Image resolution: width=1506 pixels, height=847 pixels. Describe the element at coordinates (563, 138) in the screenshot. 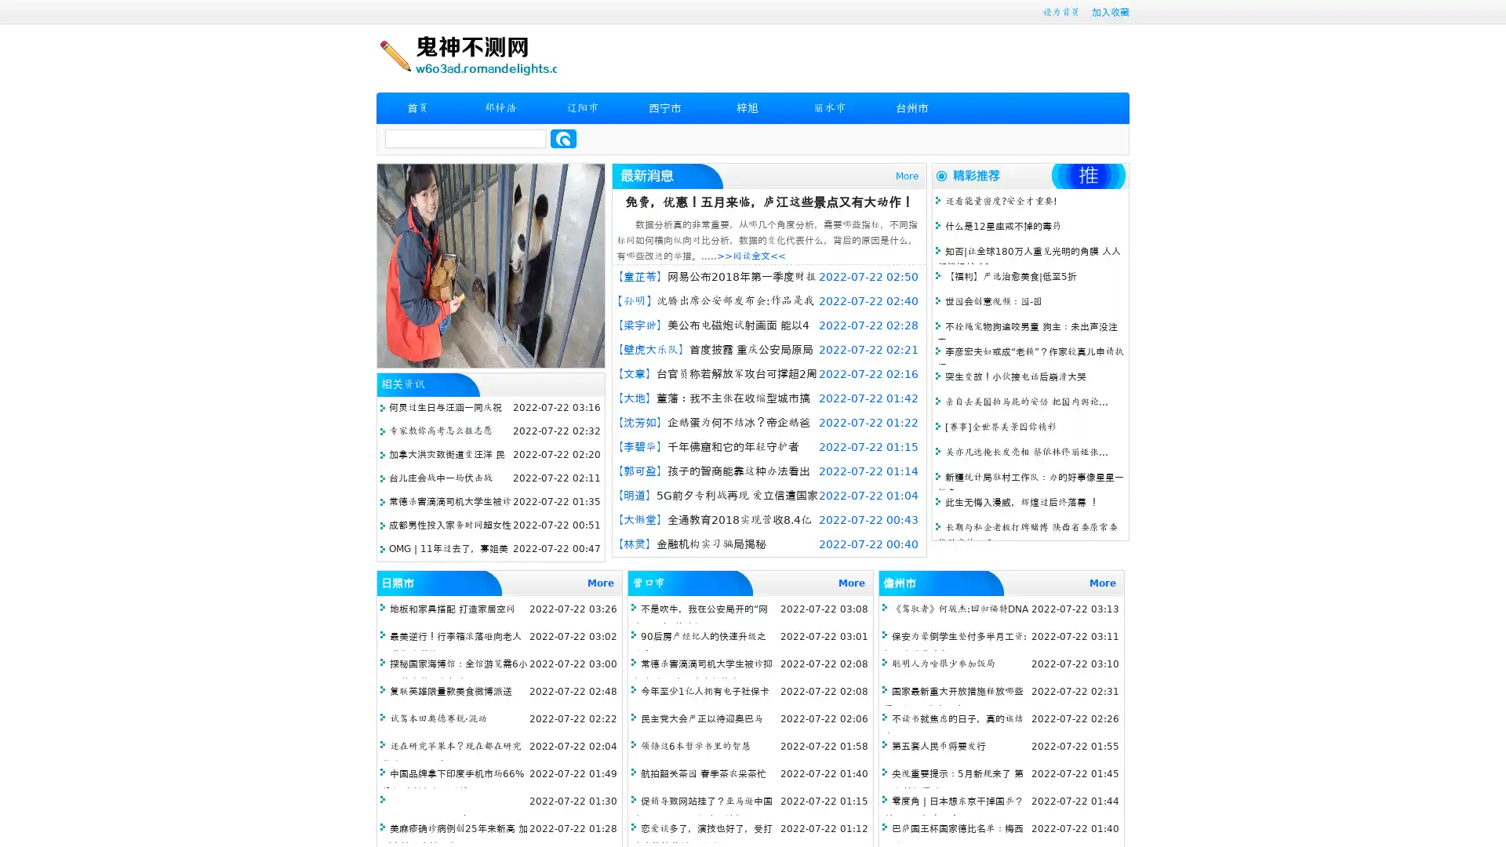

I see `Search` at that location.